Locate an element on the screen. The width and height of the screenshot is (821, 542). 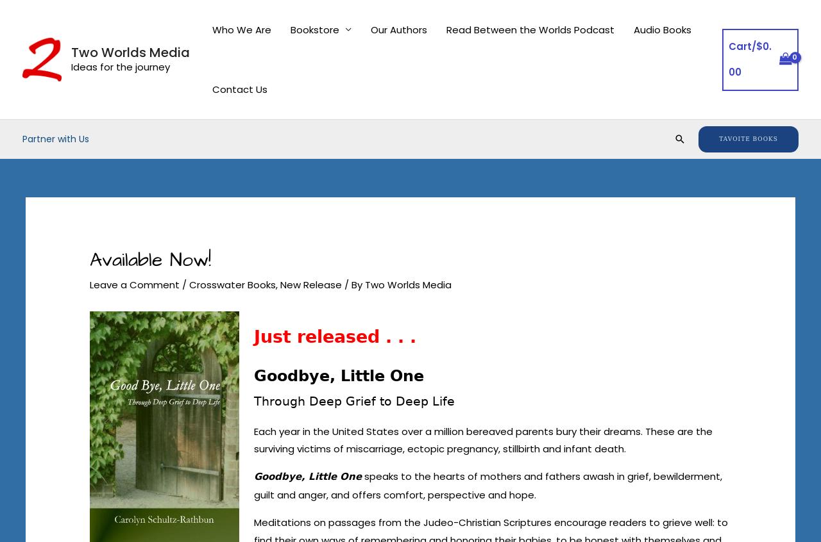
'Our Authors' is located at coordinates (398, 29).